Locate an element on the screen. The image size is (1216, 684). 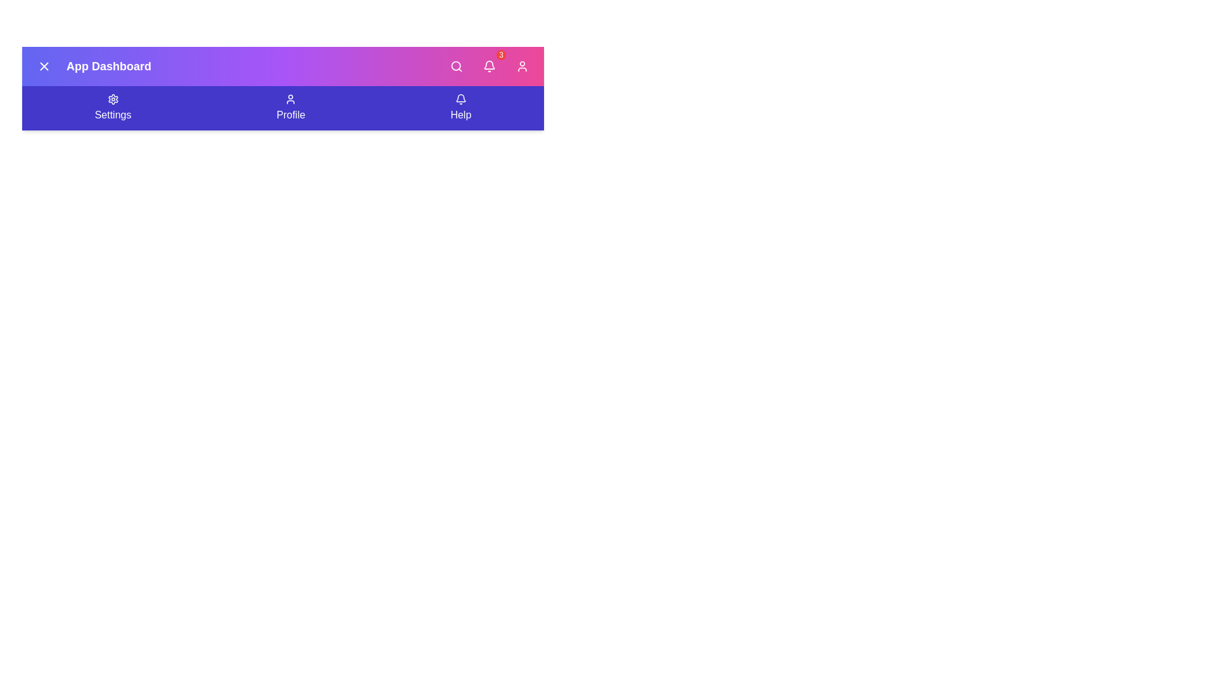
the 'Help' button in the navigation bar is located at coordinates (459, 107).